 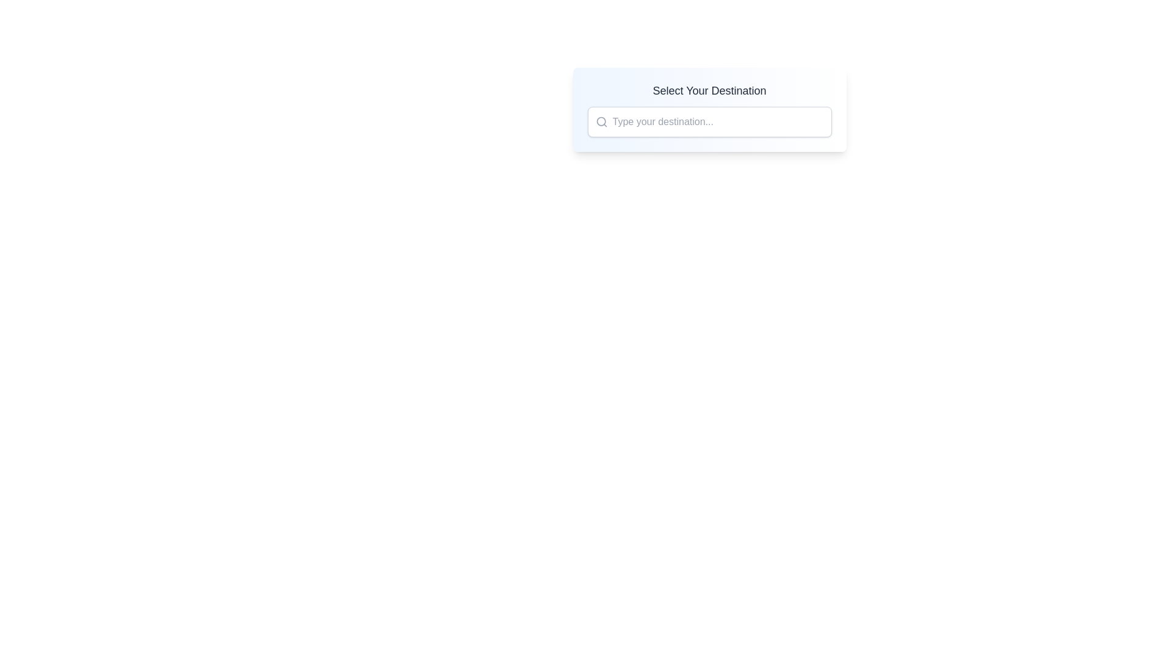 What do you see at coordinates (709, 122) in the screenshot?
I see `the search bar input field with the placeholder 'Type your destination...' to focus on it` at bounding box center [709, 122].